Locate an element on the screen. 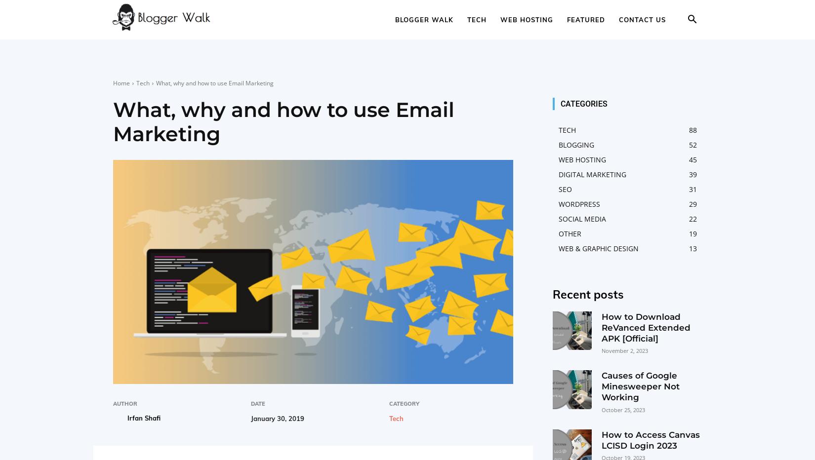  'Other' is located at coordinates (570, 233).